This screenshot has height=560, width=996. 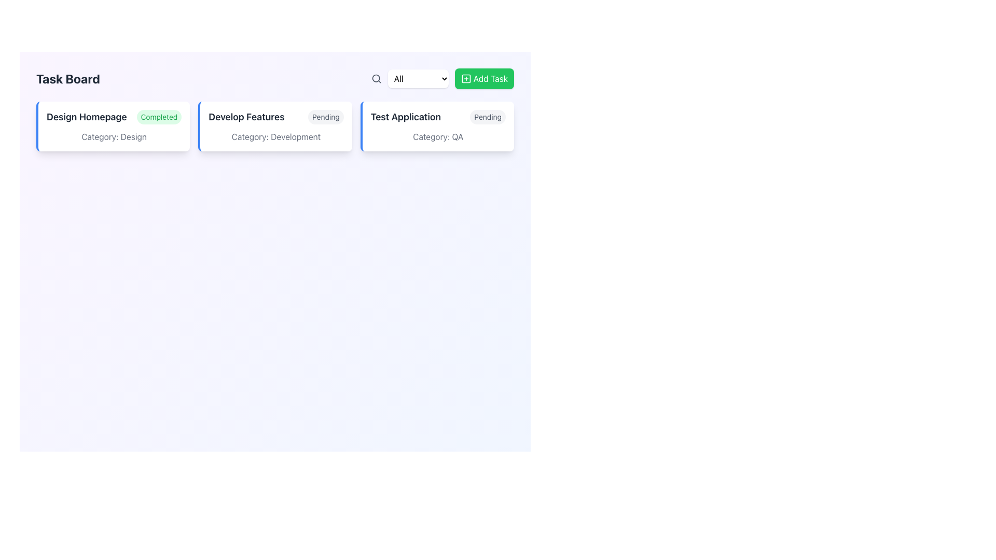 I want to click on the text label of the button located in the top-right corner of the interface, which triggers the task creation functionality, so click(x=490, y=78).